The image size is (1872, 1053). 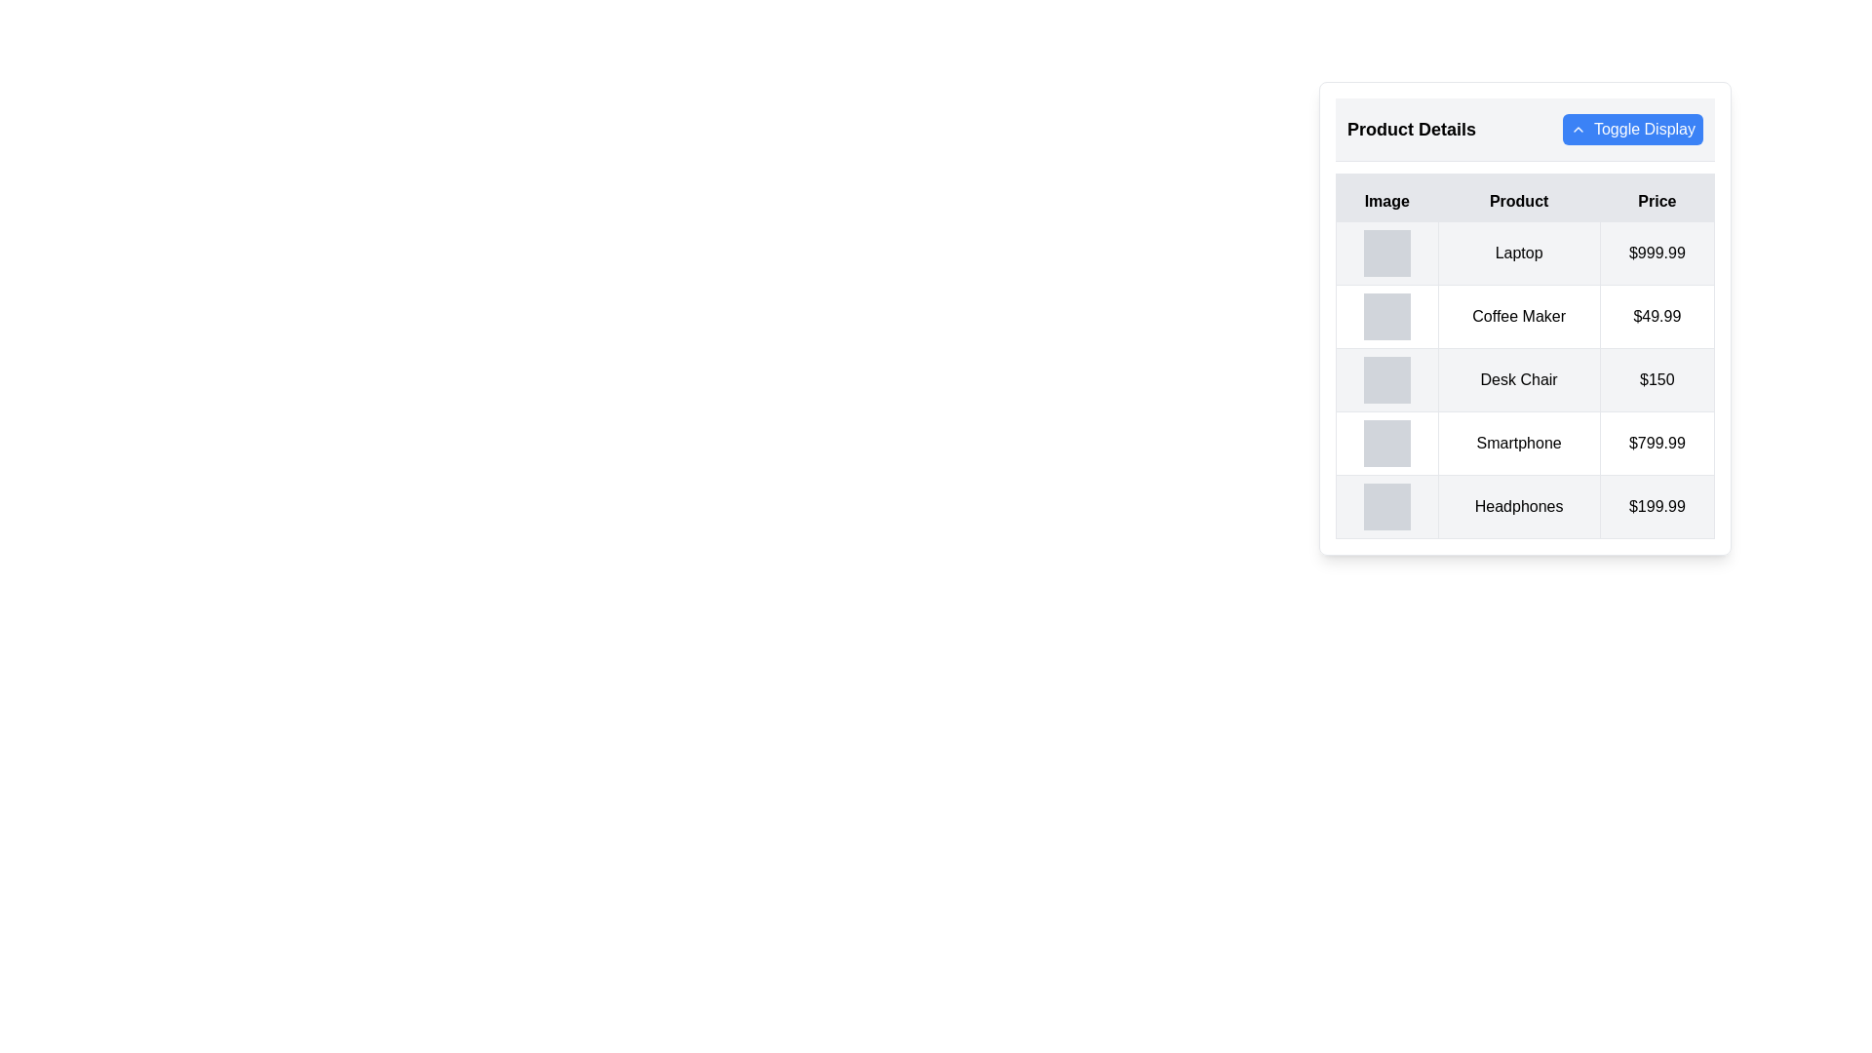 I want to click on price value displayed in the Text Label showing '$799.99' in black text within the white cell of the 'Price' column for the product 'Smartphone', so click(x=1656, y=444).